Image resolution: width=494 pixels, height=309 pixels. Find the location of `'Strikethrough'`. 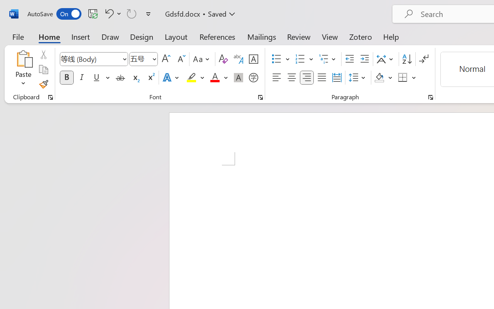

'Strikethrough' is located at coordinates (120, 78).